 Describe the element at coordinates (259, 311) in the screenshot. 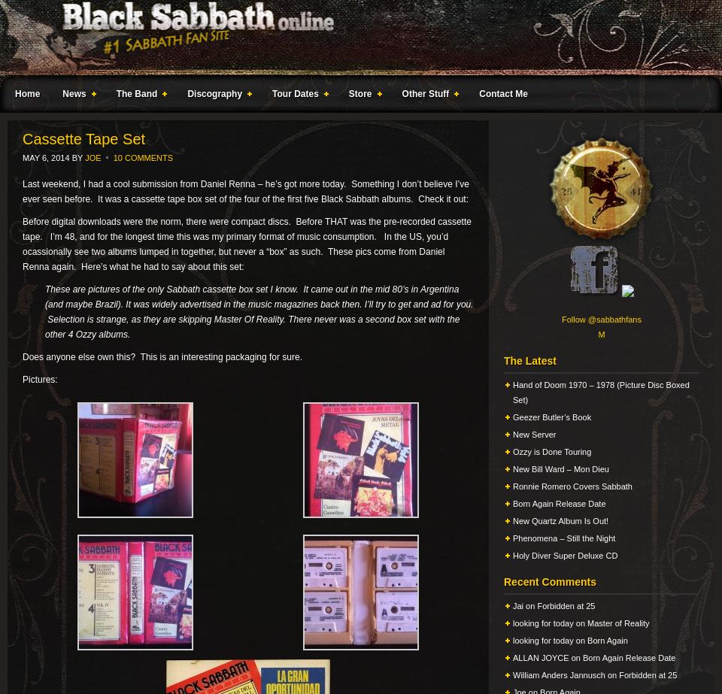

I see `'These are pictures of the only Sabbath cassette box set I know.  It came out in the mid 80’s in Argentina (and maybe Brazil). It was widely advertised in the music magazines back then. I’ll try to get and ad for you.  Selection is strange, as they are skipping Master Of Reality. There never was a second box set with the other 4 Ozzy albums.'` at that location.